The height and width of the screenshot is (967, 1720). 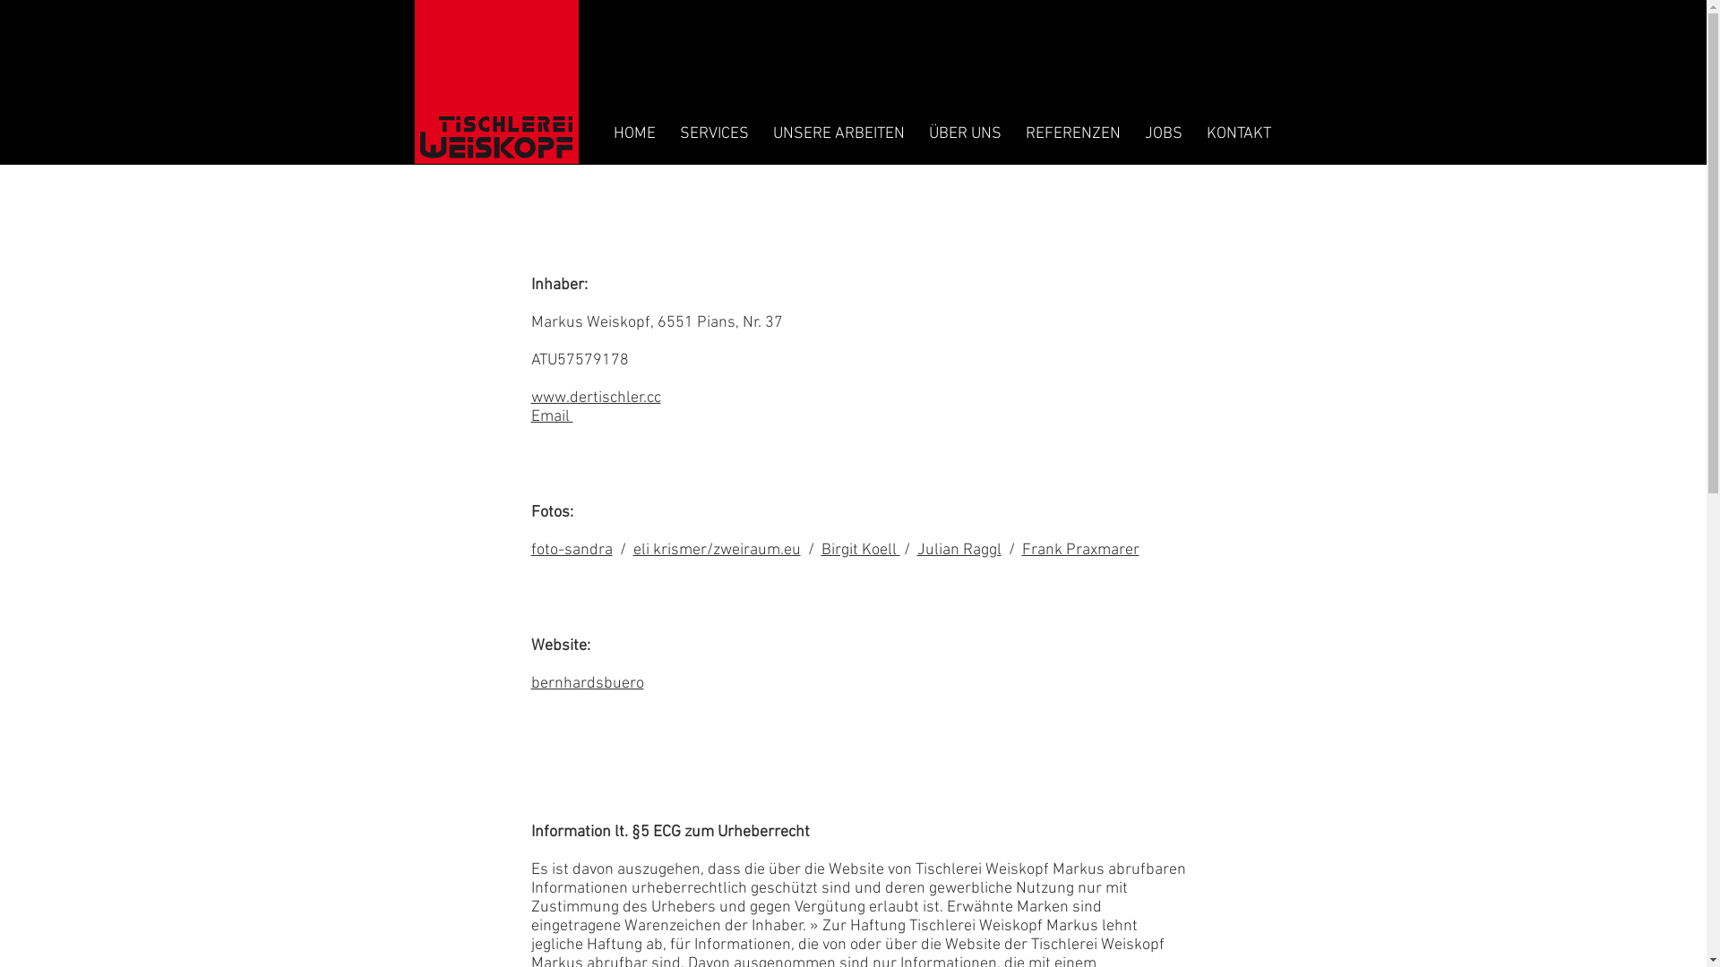 I want to click on 'SERVICES', so click(x=713, y=133).